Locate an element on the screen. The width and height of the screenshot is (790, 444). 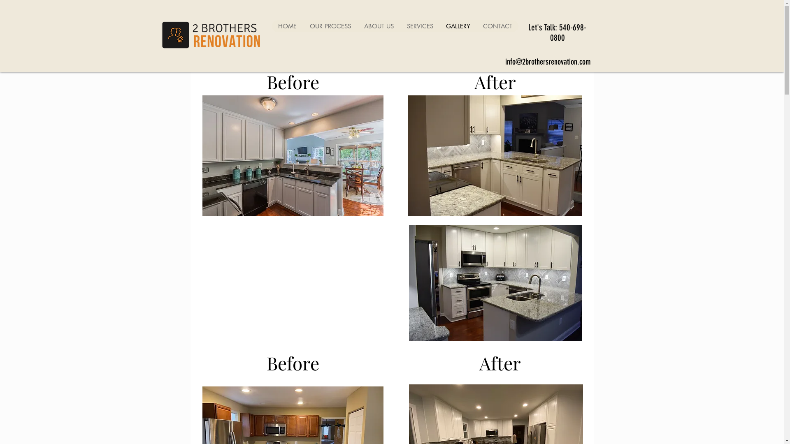
'HOME' is located at coordinates (272, 25).